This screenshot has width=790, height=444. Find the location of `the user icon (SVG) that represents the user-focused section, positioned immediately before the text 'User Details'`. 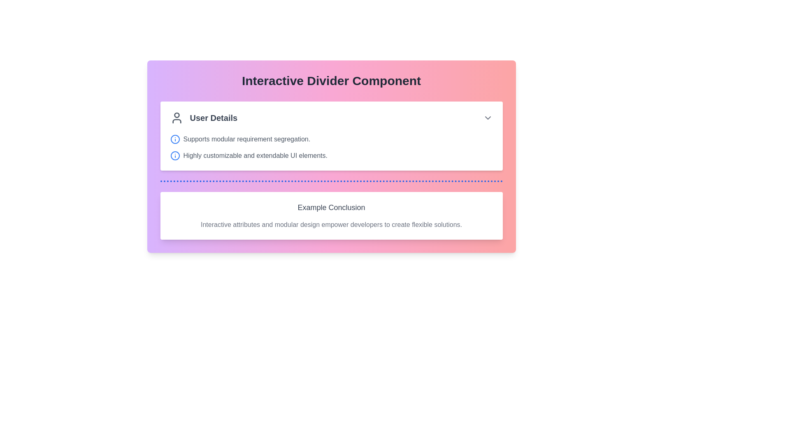

the user icon (SVG) that represents the user-focused section, positioned immediately before the text 'User Details' is located at coordinates (176, 118).